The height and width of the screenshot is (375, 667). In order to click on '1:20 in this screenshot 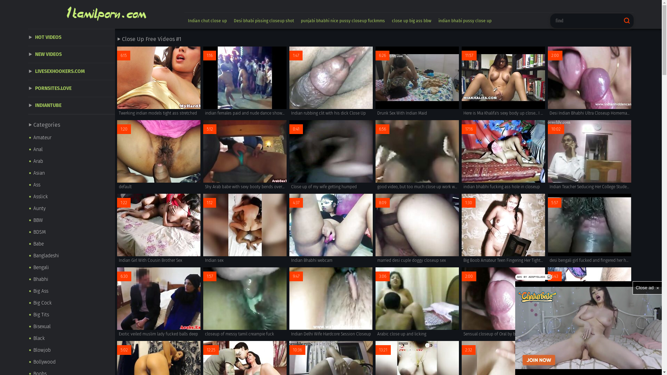, I will do `click(158, 155)`.